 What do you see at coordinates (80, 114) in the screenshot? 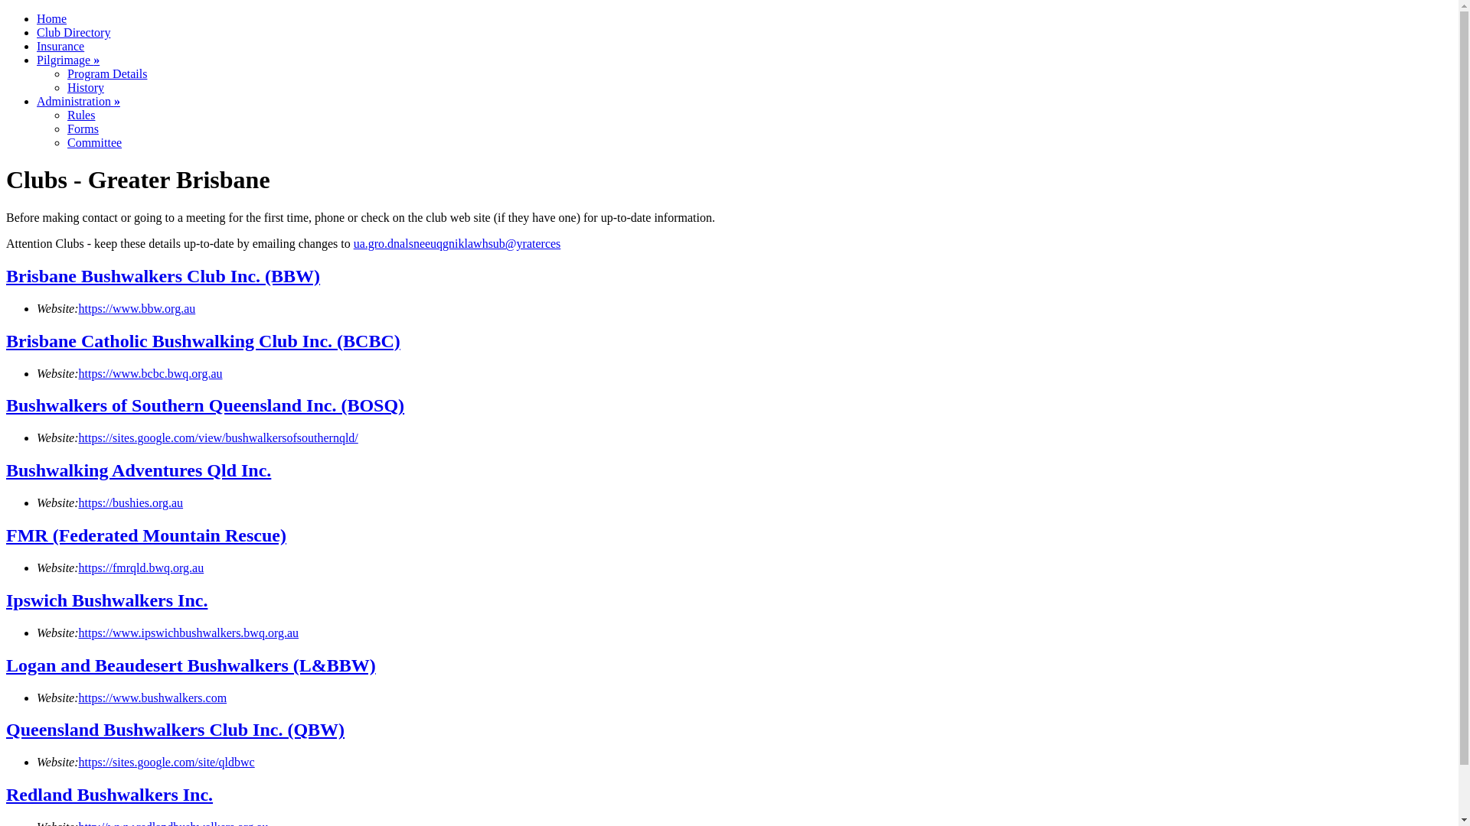
I see `'Rules'` at bounding box center [80, 114].